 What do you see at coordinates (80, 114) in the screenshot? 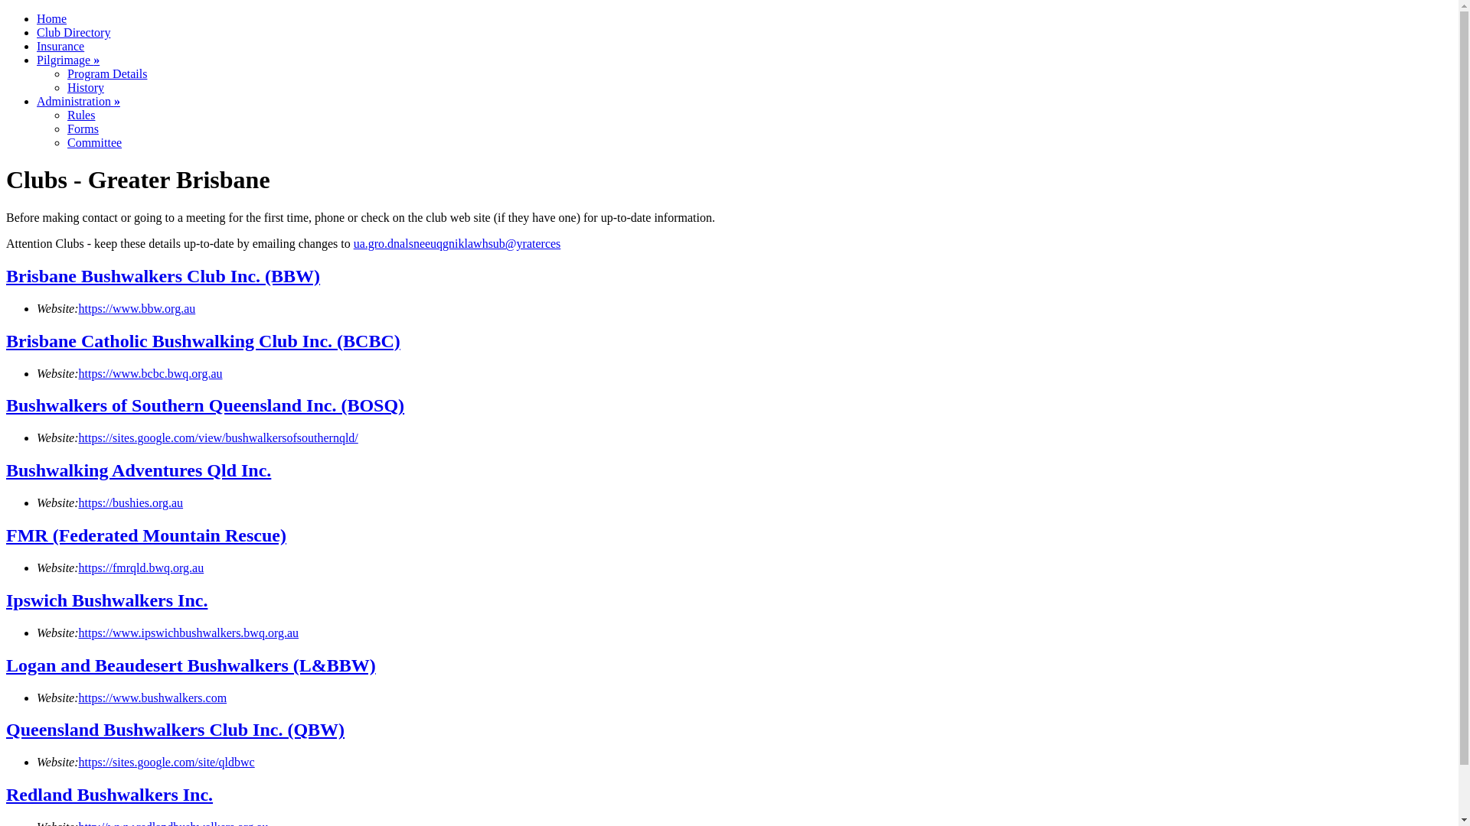
I see `'Rules'` at bounding box center [80, 114].